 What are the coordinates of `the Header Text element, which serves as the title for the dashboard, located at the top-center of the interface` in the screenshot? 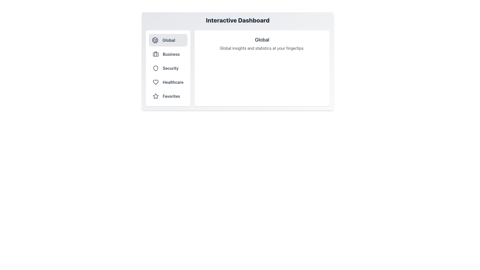 It's located at (237, 20).